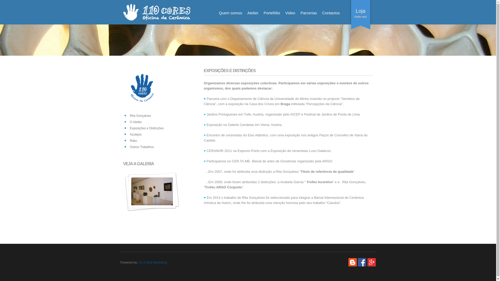  Describe the element at coordinates (371, 262) in the screenshot. I see `'Google +'` at that location.